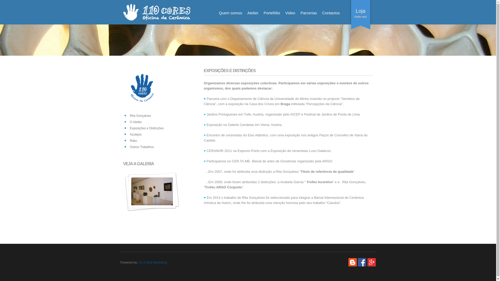  Describe the element at coordinates (371, 262) in the screenshot. I see `'Google +'` at that location.